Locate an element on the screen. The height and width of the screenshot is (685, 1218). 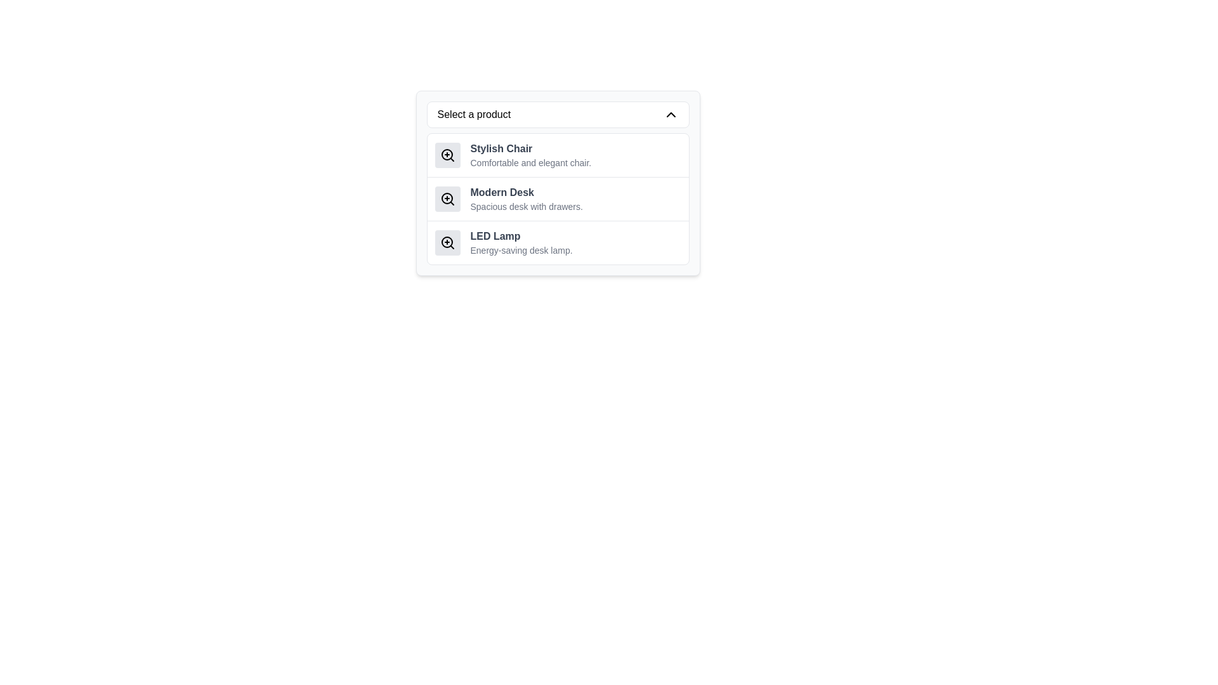
the text label that prompts users to 'Select a product' by moving the cursor to its center point is located at coordinates (473, 115).